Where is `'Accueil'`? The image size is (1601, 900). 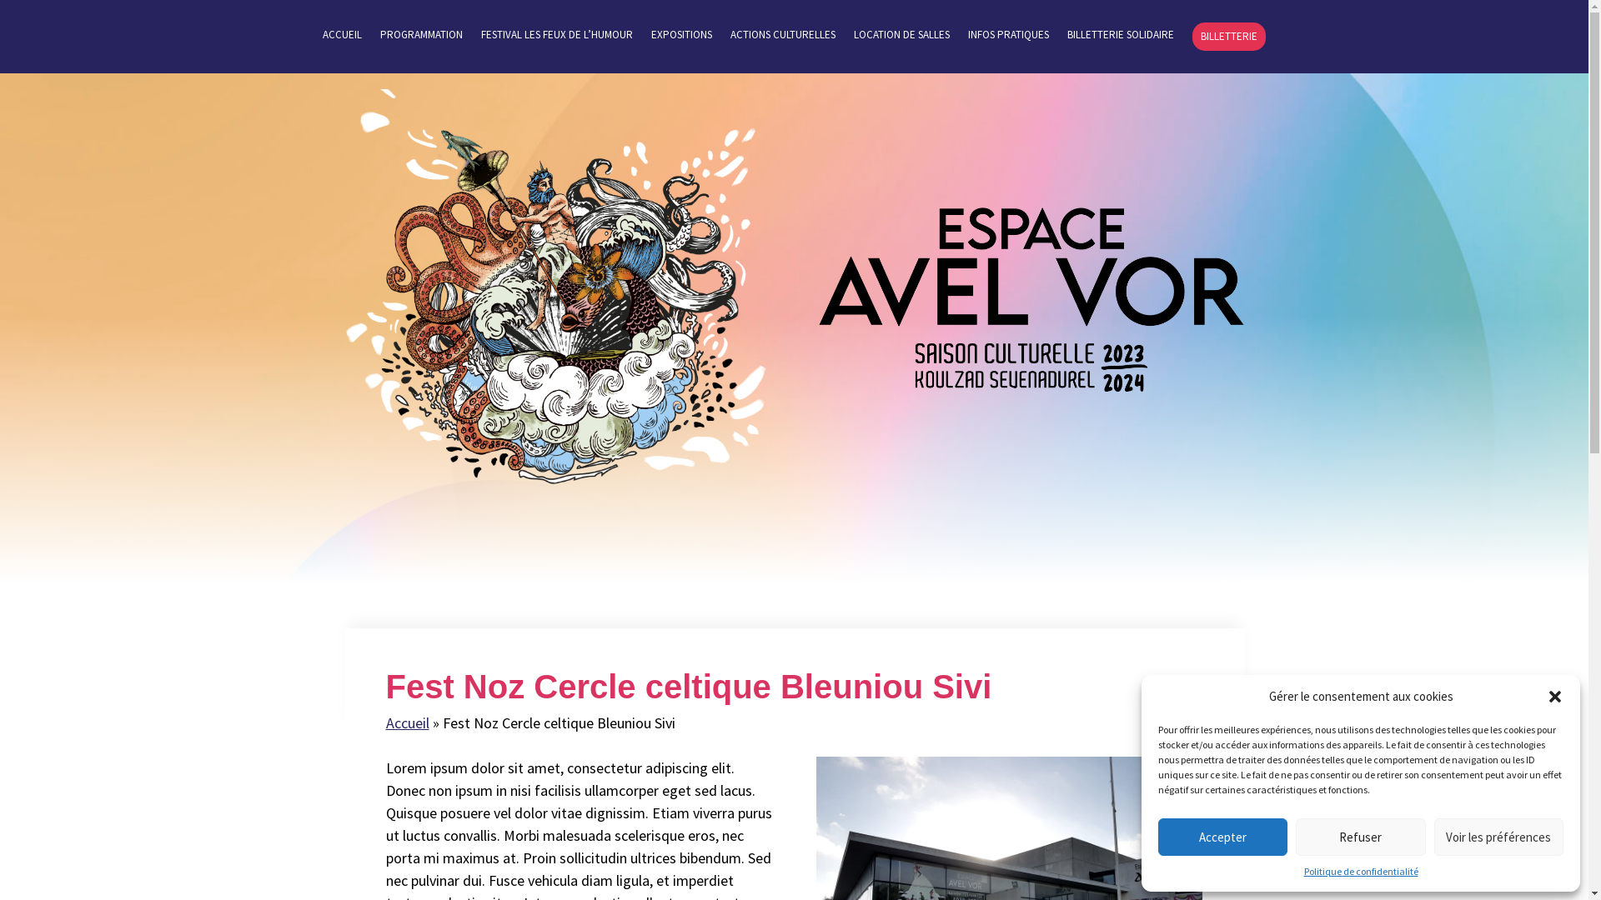
'Accueil' is located at coordinates (384, 722).